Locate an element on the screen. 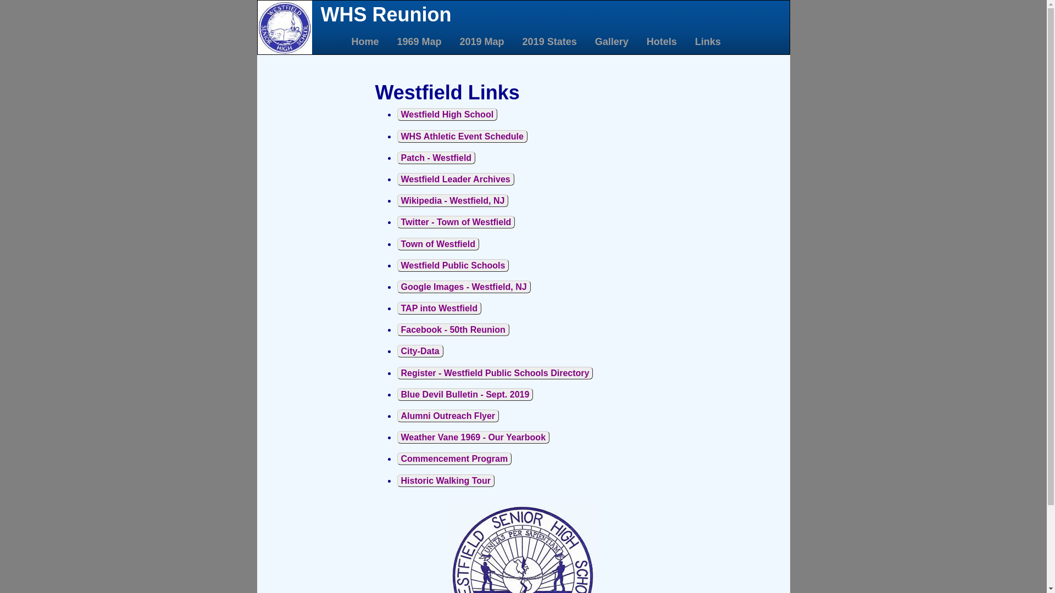 Image resolution: width=1055 pixels, height=593 pixels. '1969 Map' is located at coordinates (387, 41).